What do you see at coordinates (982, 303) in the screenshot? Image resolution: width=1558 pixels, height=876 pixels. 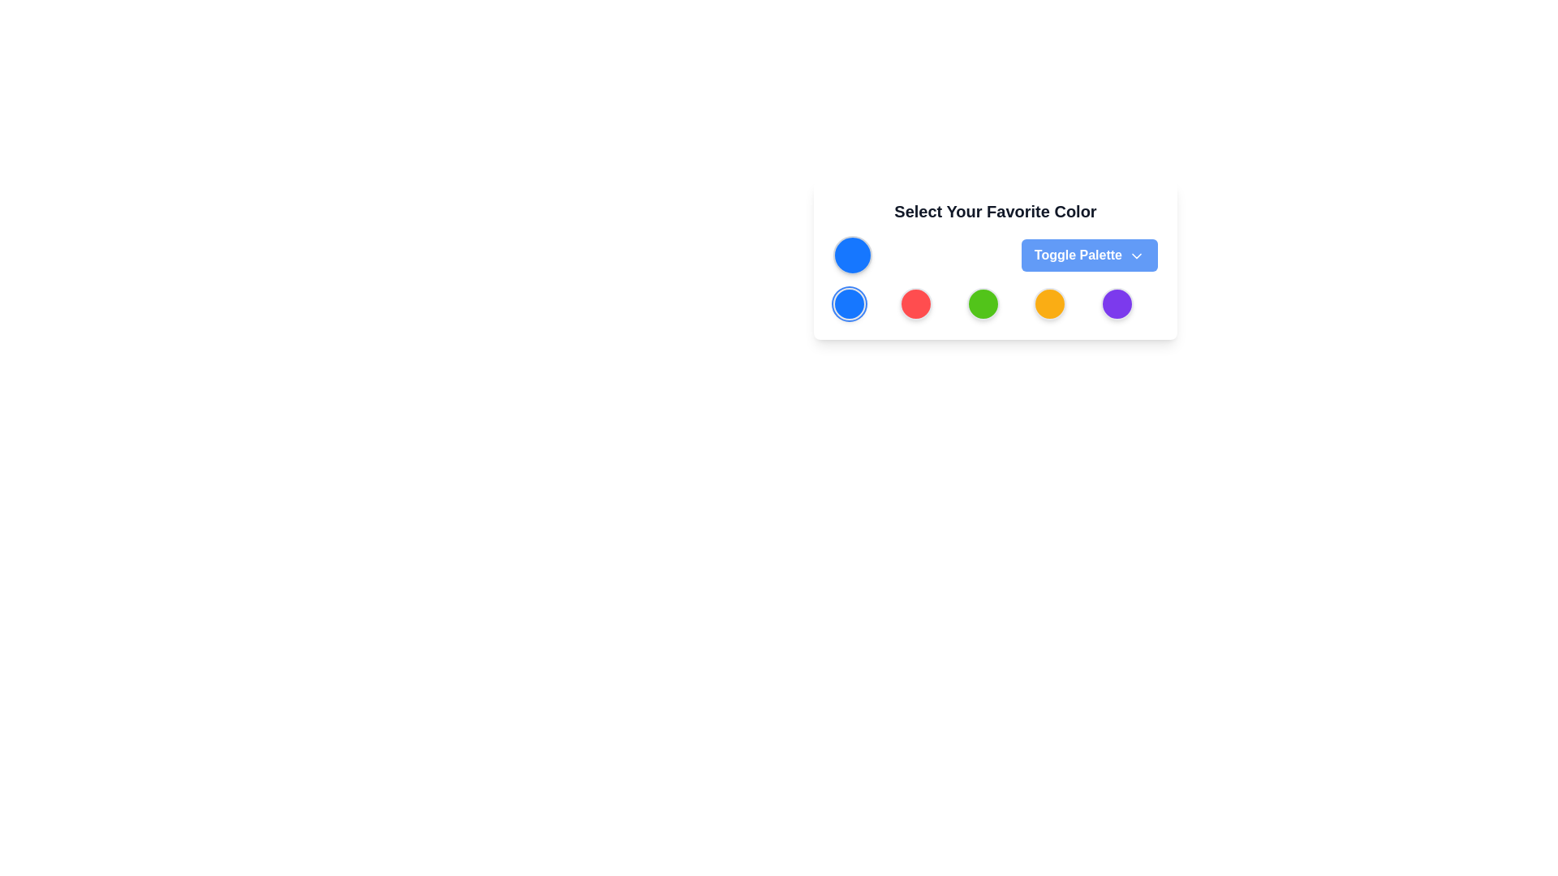 I see `the green color selection button, which is the third circular button in a row of five buttons, located to the right of the red button and left of the orange button` at bounding box center [982, 303].